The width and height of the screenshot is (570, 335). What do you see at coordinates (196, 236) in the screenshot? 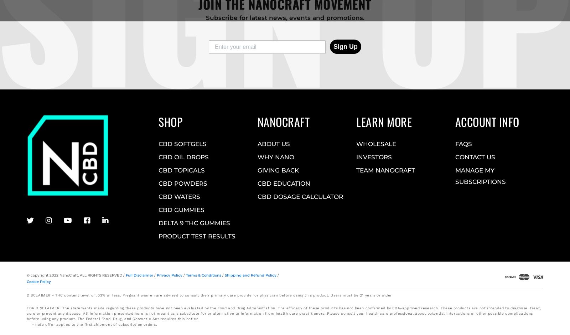
I see `'PRODUCT TEST RESULTS'` at bounding box center [196, 236].